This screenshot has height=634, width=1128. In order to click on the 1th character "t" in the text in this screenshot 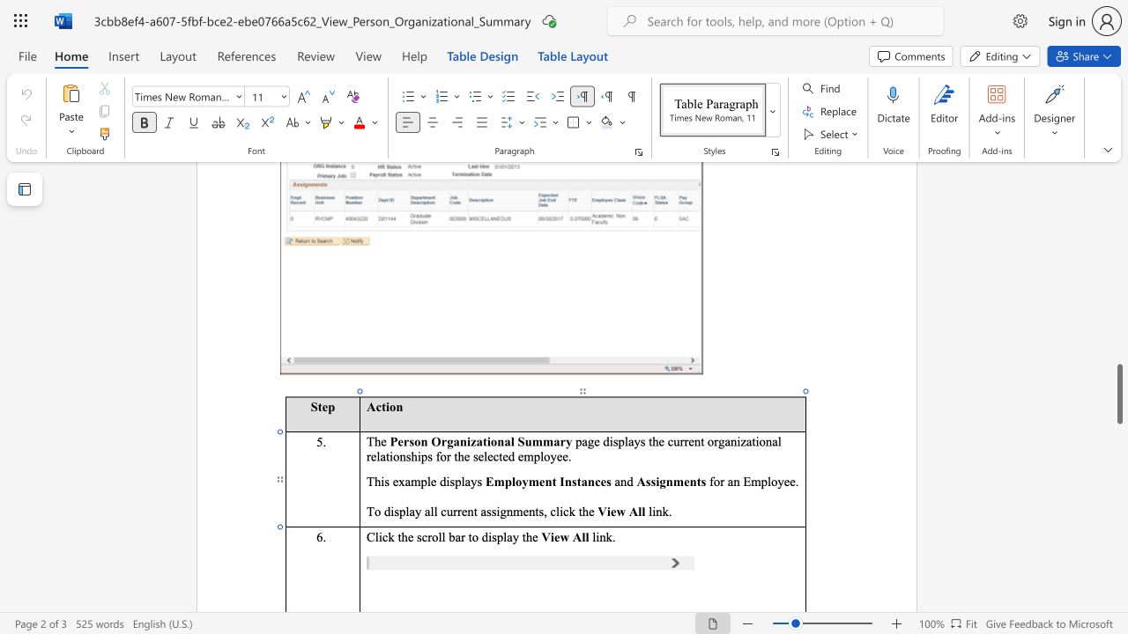, I will do `click(553, 482)`.